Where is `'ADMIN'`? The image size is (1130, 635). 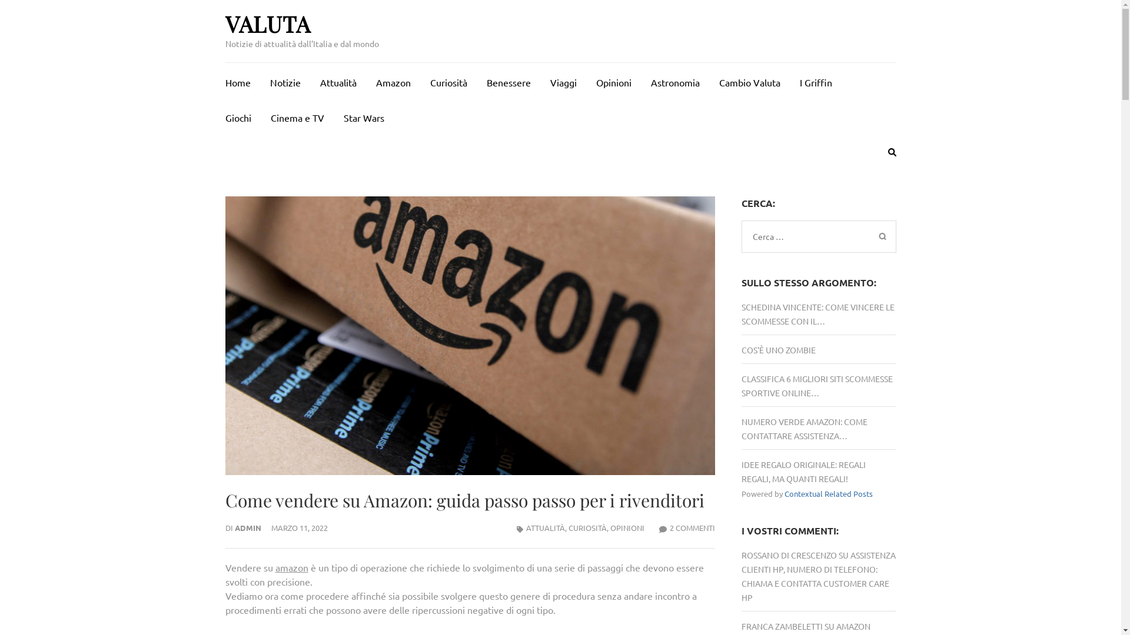 'ADMIN' is located at coordinates (247, 527).